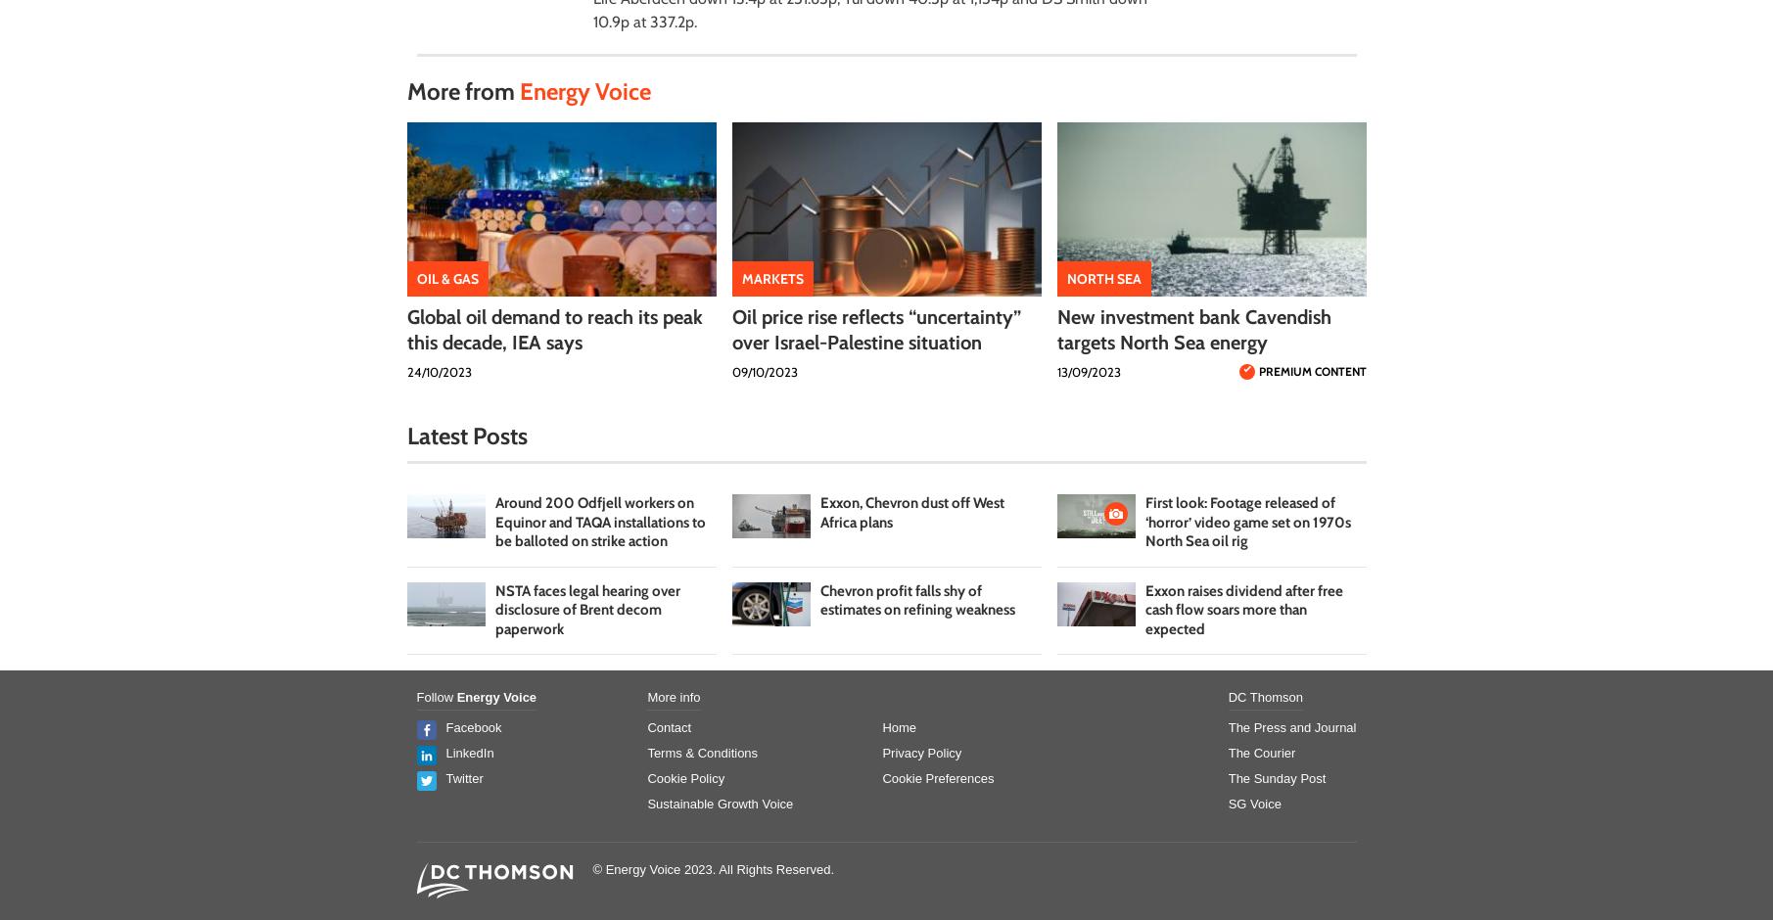  What do you see at coordinates (1087, 371) in the screenshot?
I see `'13/09/2023'` at bounding box center [1087, 371].